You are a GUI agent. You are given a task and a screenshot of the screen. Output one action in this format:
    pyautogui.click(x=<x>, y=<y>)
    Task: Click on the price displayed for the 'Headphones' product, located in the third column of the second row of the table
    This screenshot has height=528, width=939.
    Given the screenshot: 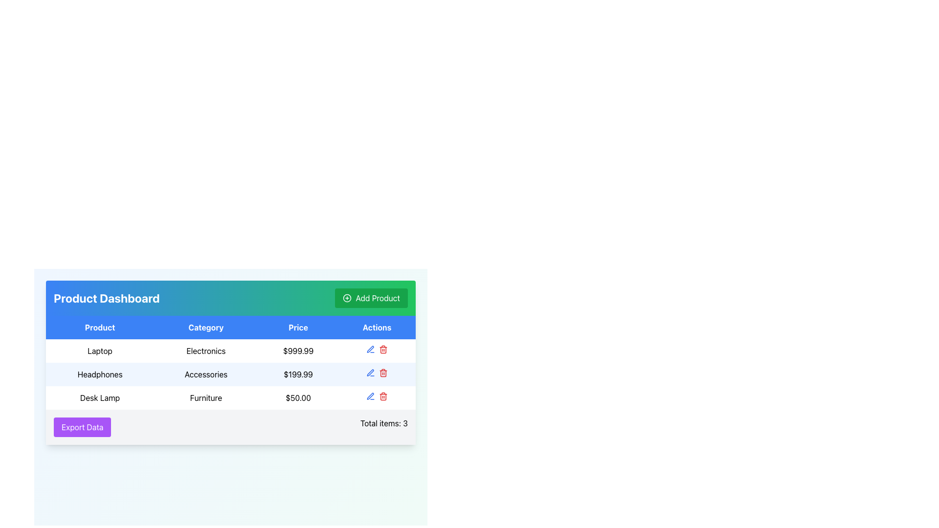 What is the action you would take?
    pyautogui.click(x=297, y=374)
    